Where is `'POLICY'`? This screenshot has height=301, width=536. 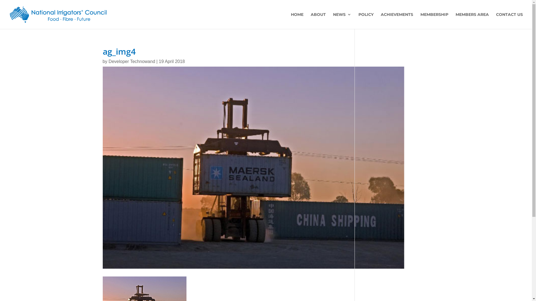
'POLICY' is located at coordinates (366, 20).